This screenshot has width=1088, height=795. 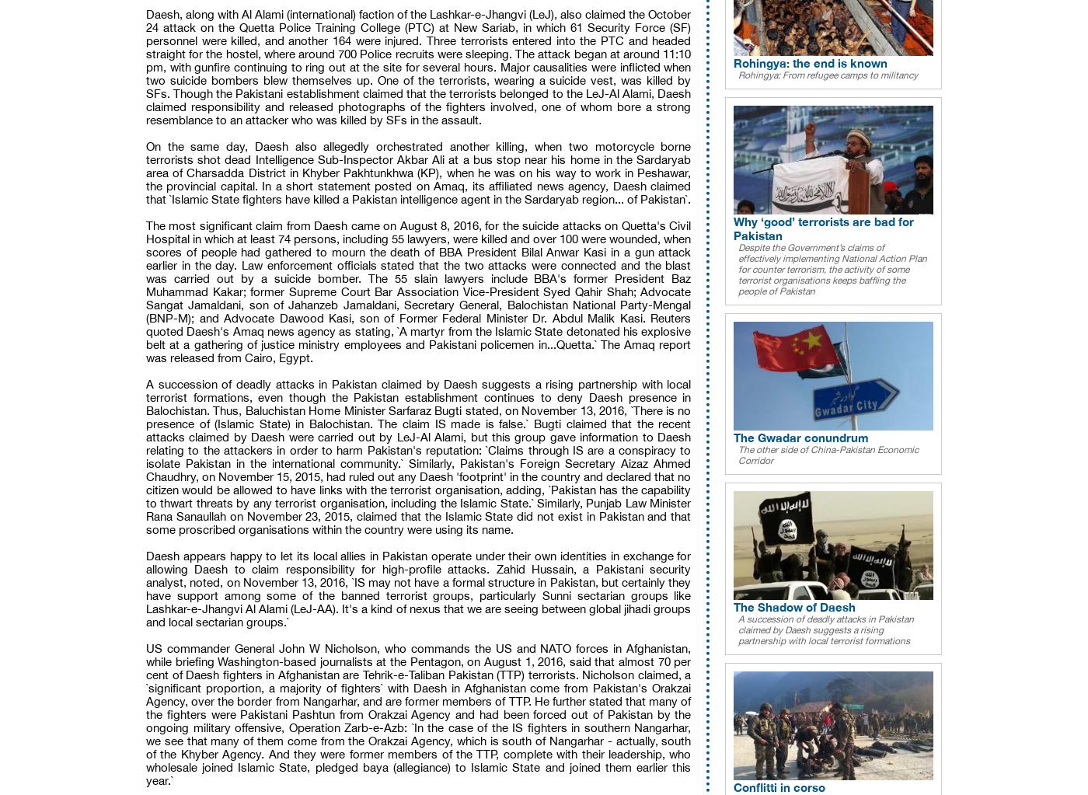 What do you see at coordinates (418, 172) in the screenshot?
I see `'On the same day, Daesh also allegedly orchestrated another killing, when two motorcycle borne terrorists shot dead Intelligence Sub-Inspector Akbar Ali at a bus stop near his home in the Sardaryab area of Charsadda District in Khyber Pakhtunkhwa (KP), when he was on his way to work in Peshawar, the provincial capital. In a short statement posted on Amaq, its affiliated news agency, Daesh claimed that `Islamic State fighters have killed a Pakistan intelligence agent in the Sardaryab region... of Pakistan`.'` at bounding box center [418, 172].